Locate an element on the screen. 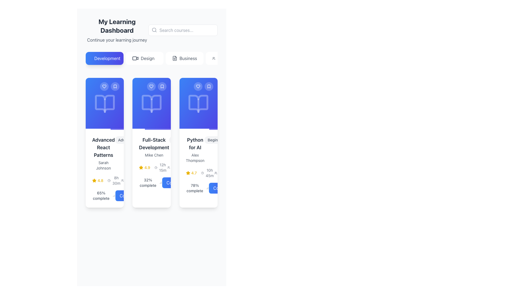 This screenshot has height=292, width=519. the small gray outline icon displaying a bar chart with three vertical bars, located next to the text '65% complete' is located at coordinates (114, 196).